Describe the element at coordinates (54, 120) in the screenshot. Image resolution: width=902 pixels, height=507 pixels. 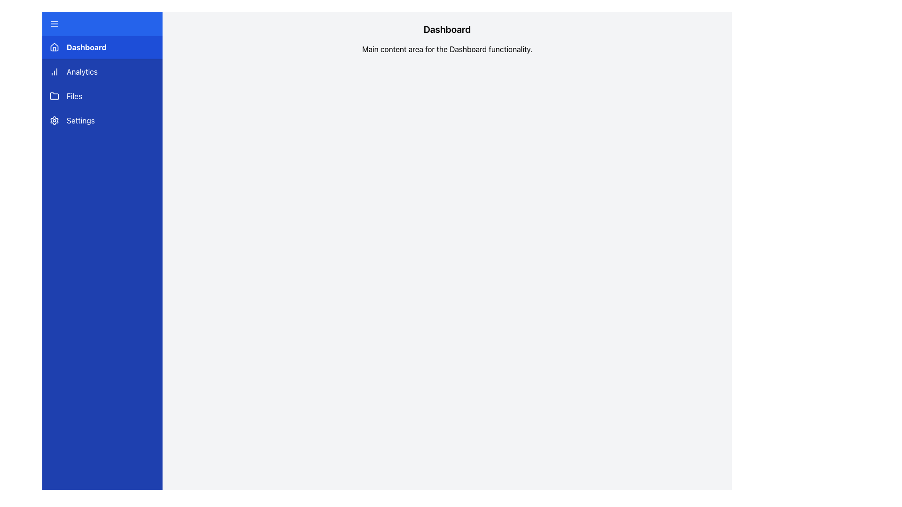
I see `the gear-shaped icon in the left sidebar` at that location.